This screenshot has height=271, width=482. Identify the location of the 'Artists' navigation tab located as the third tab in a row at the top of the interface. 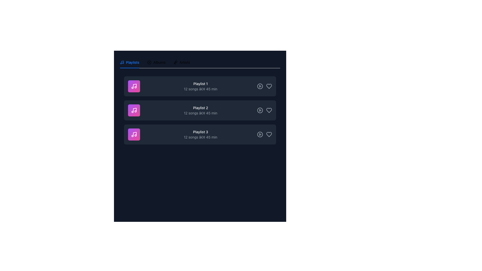
(182, 62).